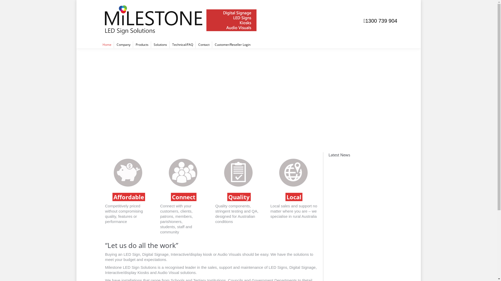 The image size is (501, 281). Describe the element at coordinates (114, 44) in the screenshot. I see `'Company'` at that location.